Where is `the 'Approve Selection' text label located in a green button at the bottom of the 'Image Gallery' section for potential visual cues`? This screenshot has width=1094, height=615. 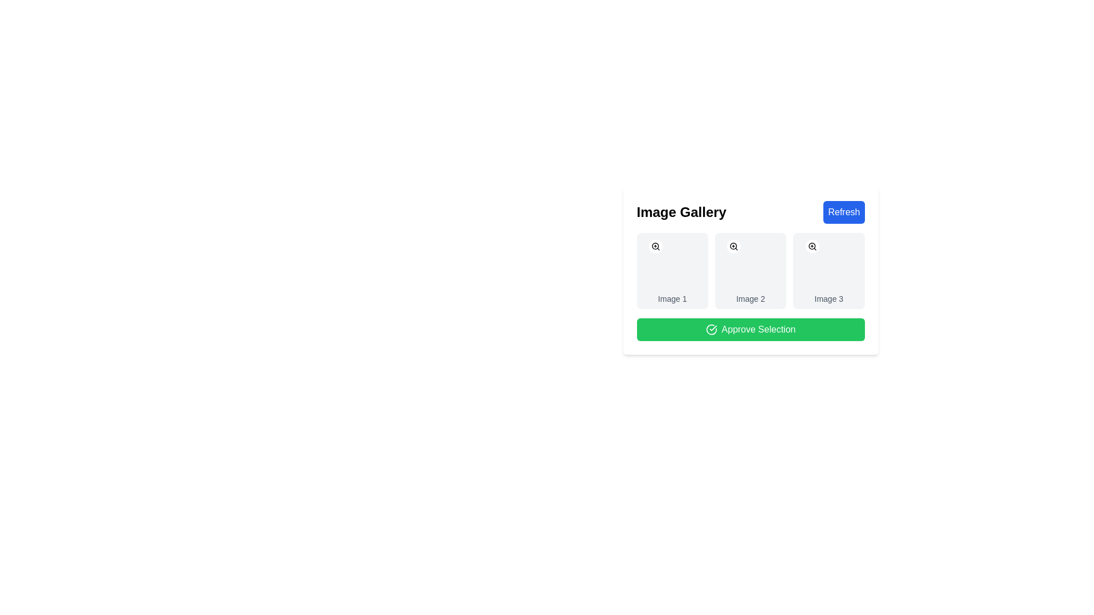
the 'Approve Selection' text label located in a green button at the bottom of the 'Image Gallery' section for potential visual cues is located at coordinates (758, 329).